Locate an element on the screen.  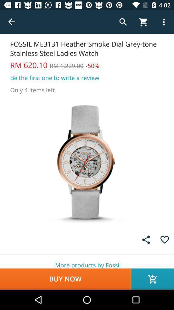
the item above the fossil me3131 heather item is located at coordinates (12, 22).